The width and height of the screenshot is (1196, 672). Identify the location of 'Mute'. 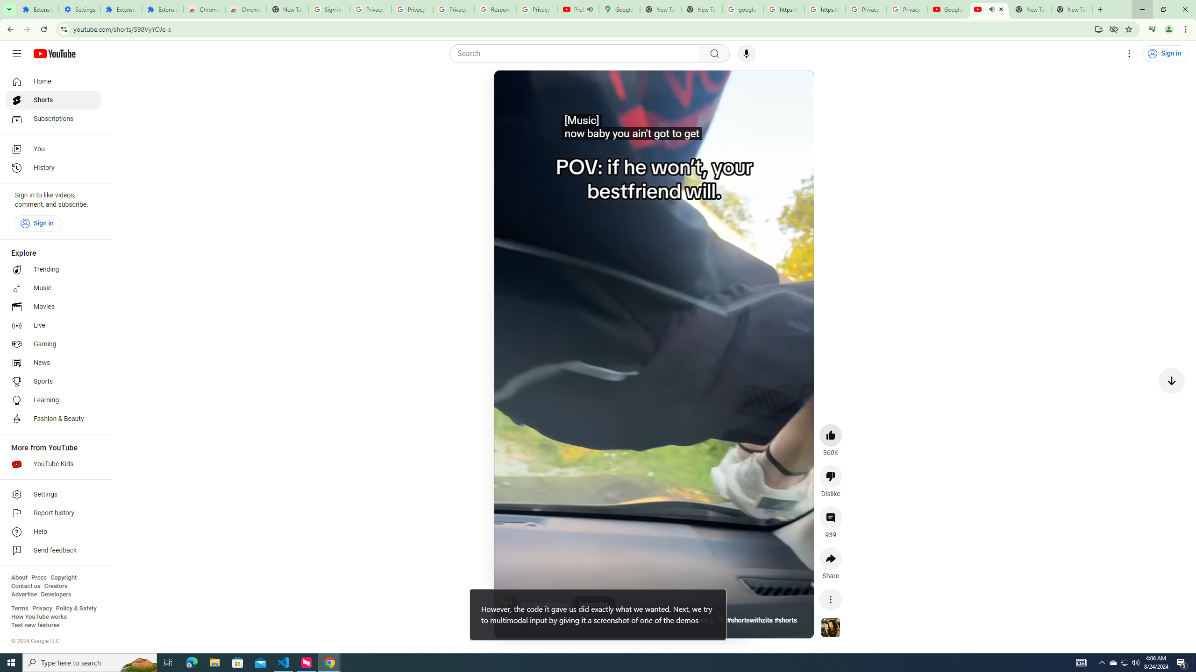
(542, 88).